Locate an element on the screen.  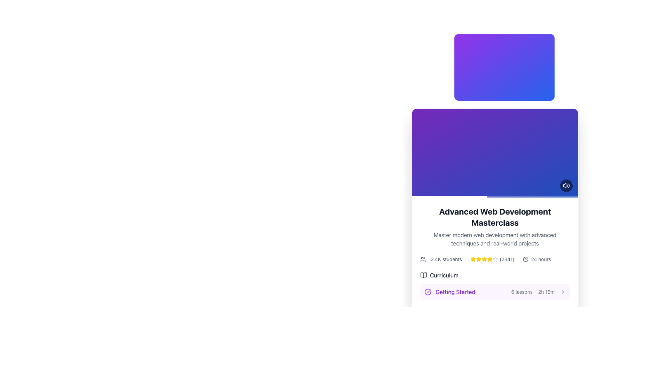
the Information bar or course overview summary located beneath the course title 'Advanced Web Development Masterclass', which includes details like '12.4K students', yellow stars for ratings, '(2341)', and '24 hours' is located at coordinates (494, 259).